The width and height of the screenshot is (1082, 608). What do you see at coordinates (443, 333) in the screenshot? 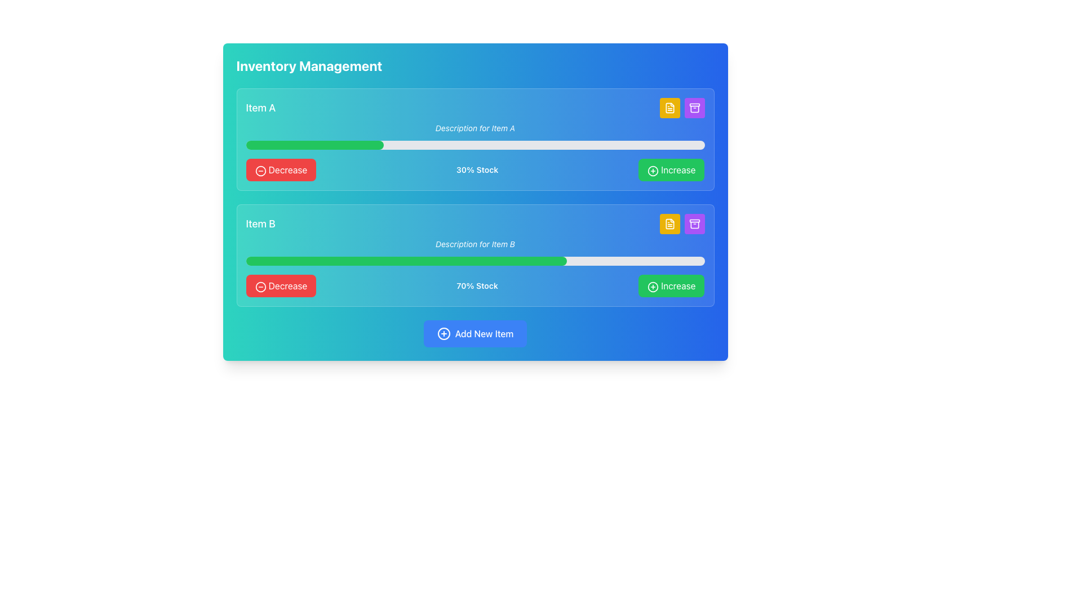
I see `the circular SVG graphical element located at the center of the 'Add New Item' button, which features a plus sign icon` at bounding box center [443, 333].